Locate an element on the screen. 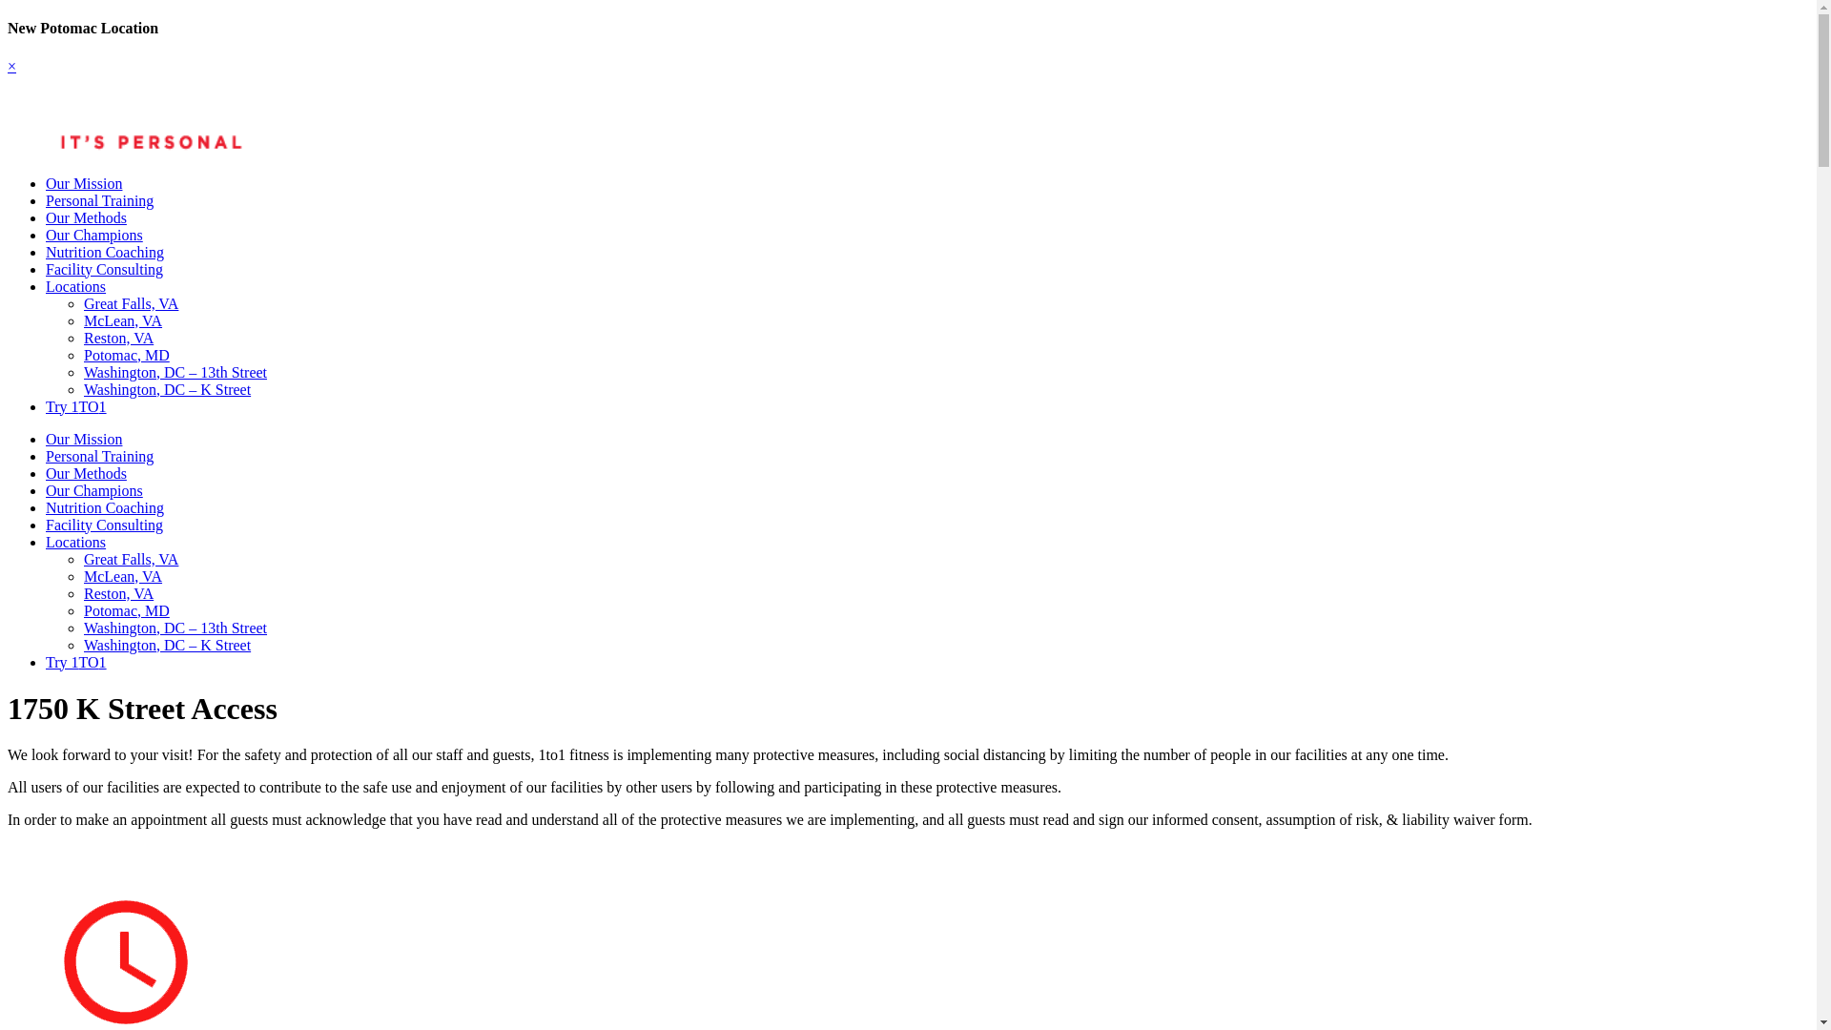  'Our Methods' is located at coordinates (85, 472).